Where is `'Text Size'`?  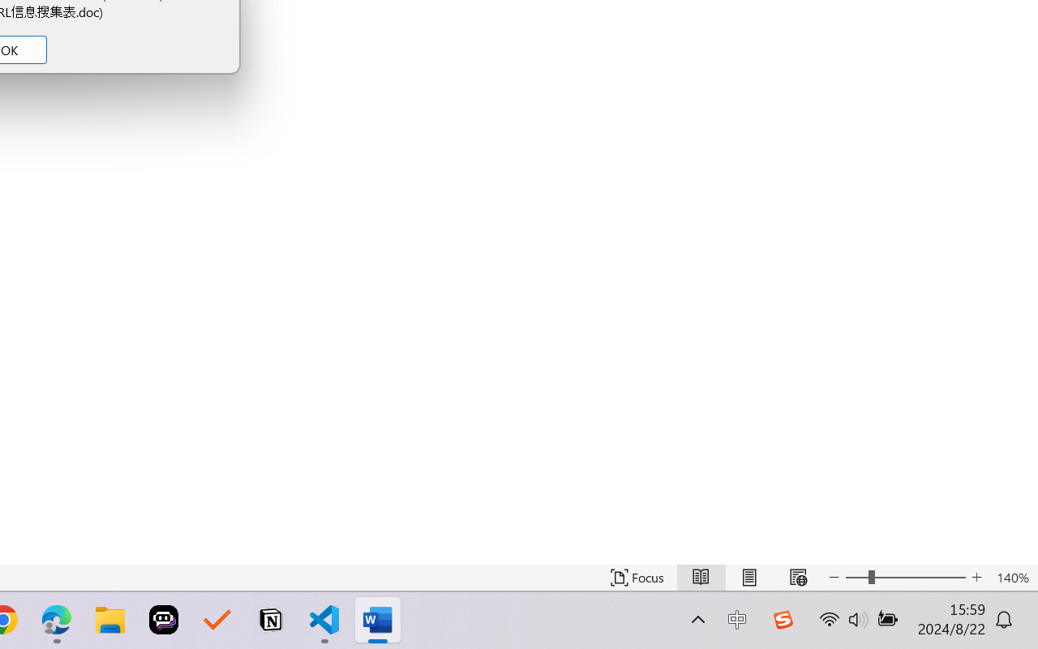 'Text Size' is located at coordinates (904, 577).